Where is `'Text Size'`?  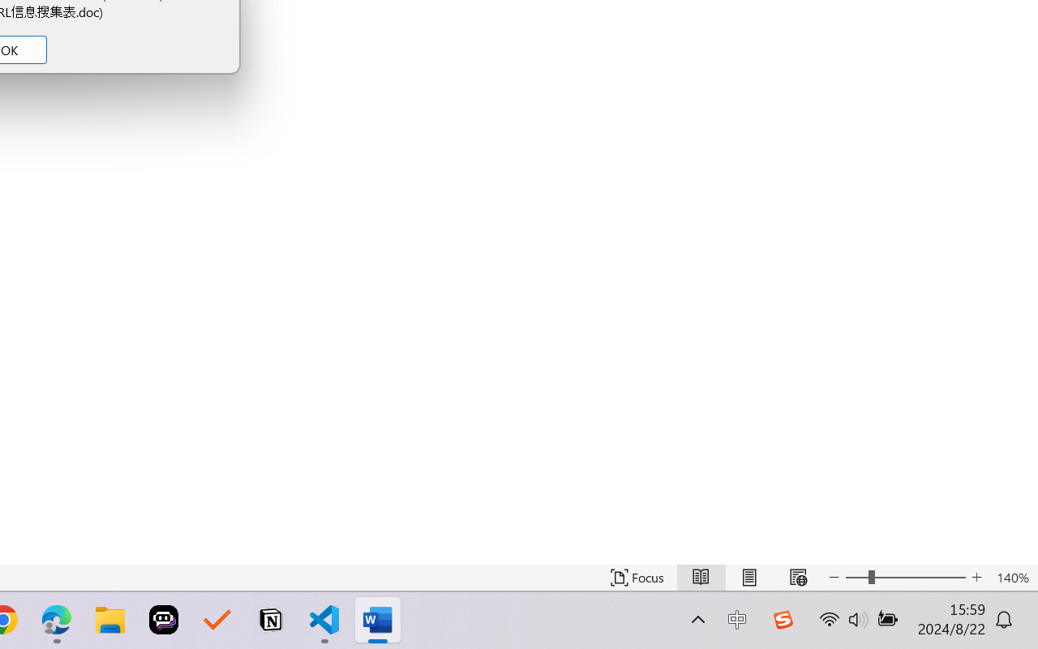 'Text Size' is located at coordinates (904, 577).